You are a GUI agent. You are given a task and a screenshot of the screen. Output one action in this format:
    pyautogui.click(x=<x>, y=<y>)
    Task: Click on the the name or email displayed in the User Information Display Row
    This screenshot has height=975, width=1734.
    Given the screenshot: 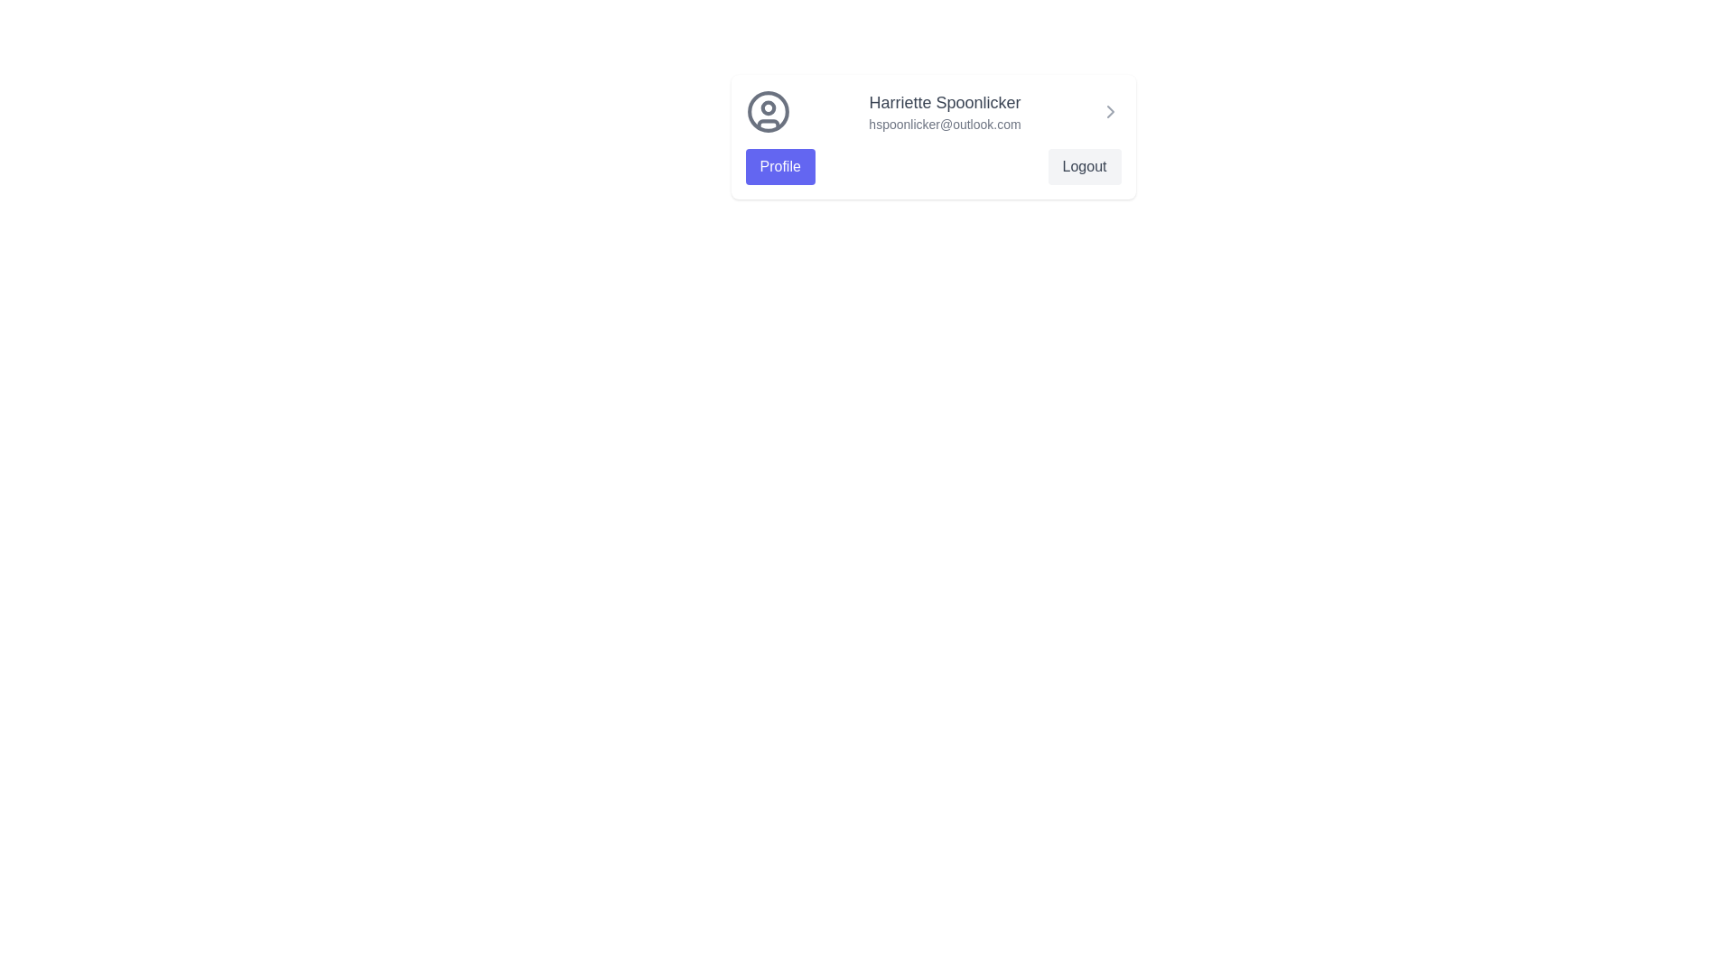 What is the action you would take?
    pyautogui.click(x=933, y=111)
    